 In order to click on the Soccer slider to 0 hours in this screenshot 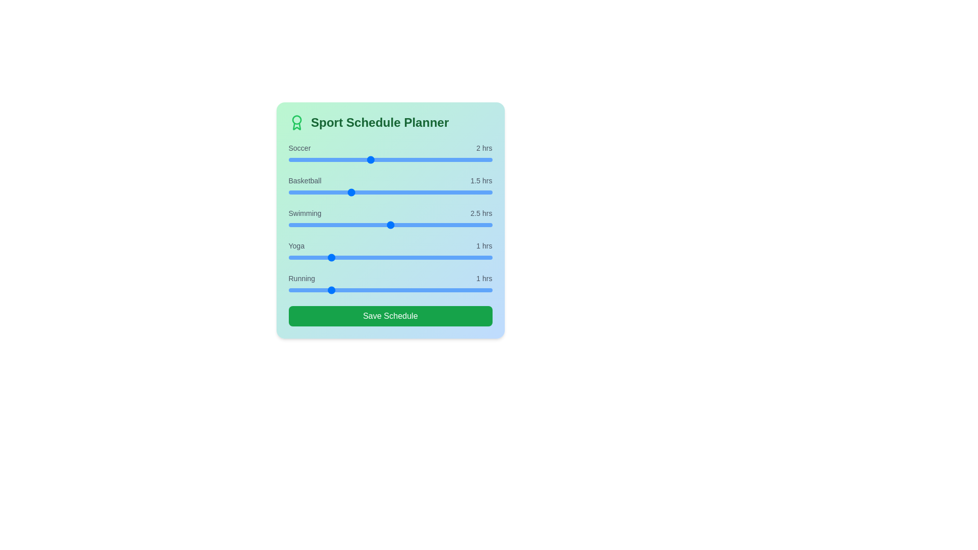, I will do `click(288, 159)`.